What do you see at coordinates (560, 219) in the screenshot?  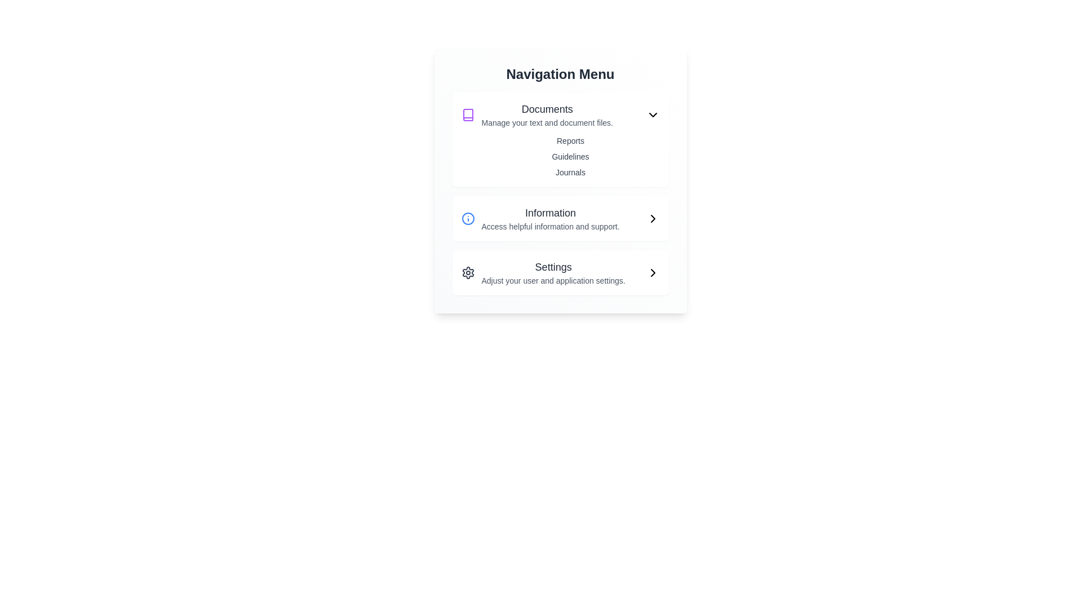 I see `the second interactive navigation link in the 'Navigation Menu' panel` at bounding box center [560, 219].